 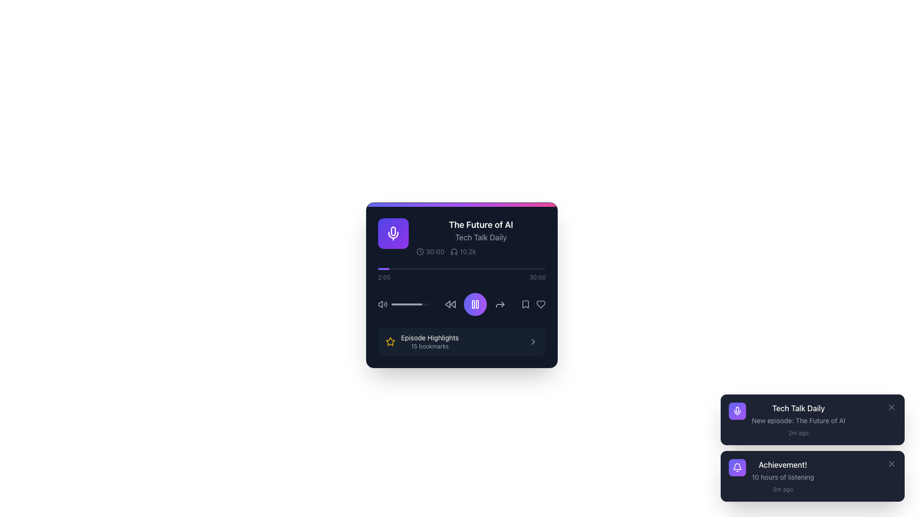 What do you see at coordinates (462, 275) in the screenshot?
I see `the progress bar with textual indicators displaying '2:00' and '30:00' located in the middle of the audio track information card` at bounding box center [462, 275].